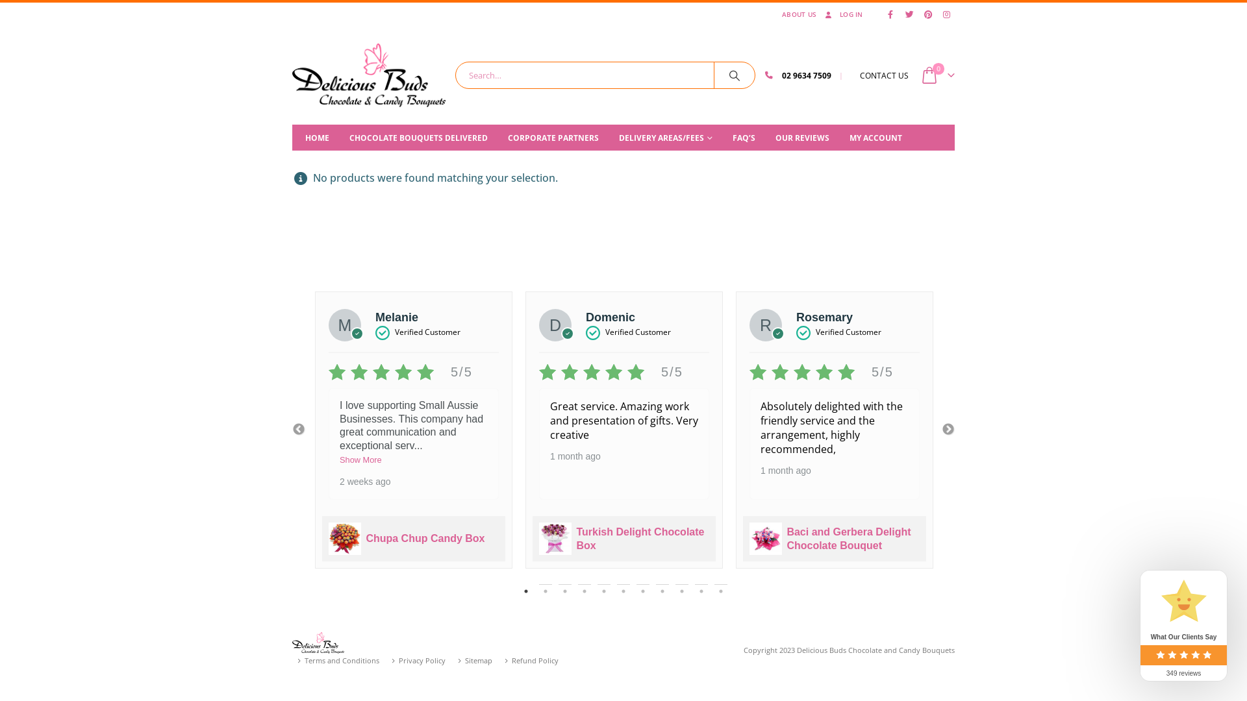 The width and height of the screenshot is (1247, 701). I want to click on 'Refund Policy', so click(535, 660).